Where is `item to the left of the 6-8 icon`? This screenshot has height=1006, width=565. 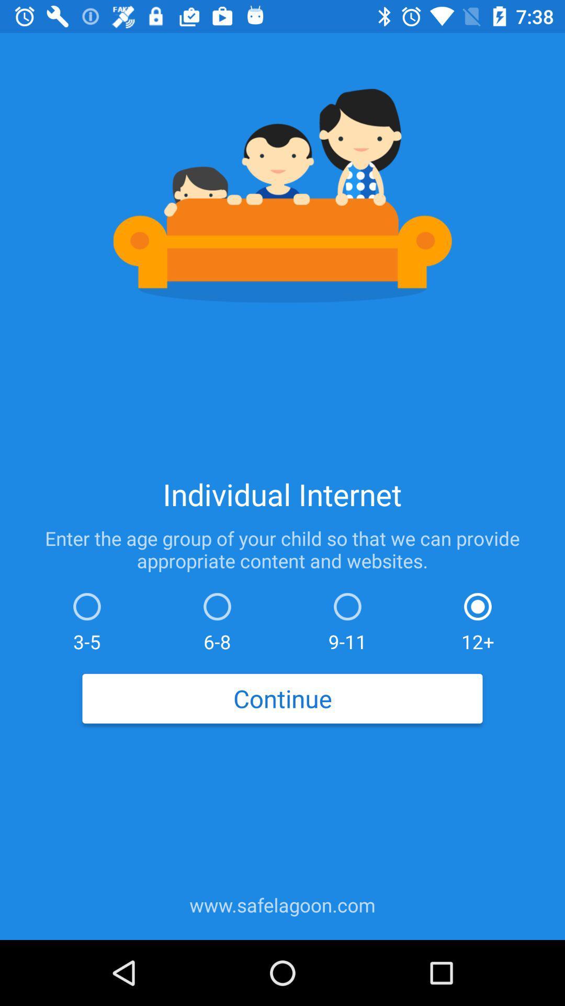
item to the left of the 6-8 icon is located at coordinates (86, 619).